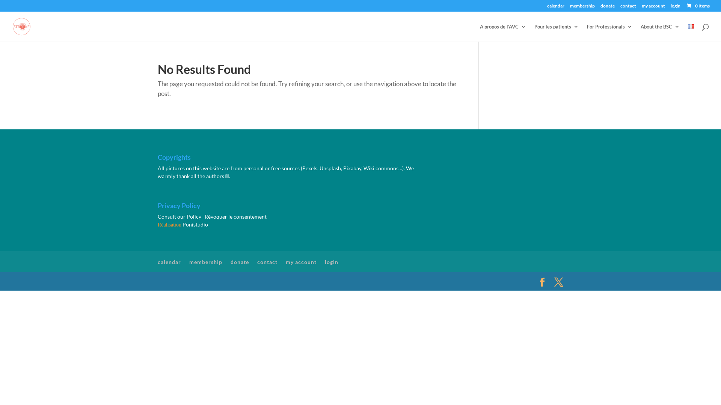  I want to click on 'calendar', so click(555, 7).